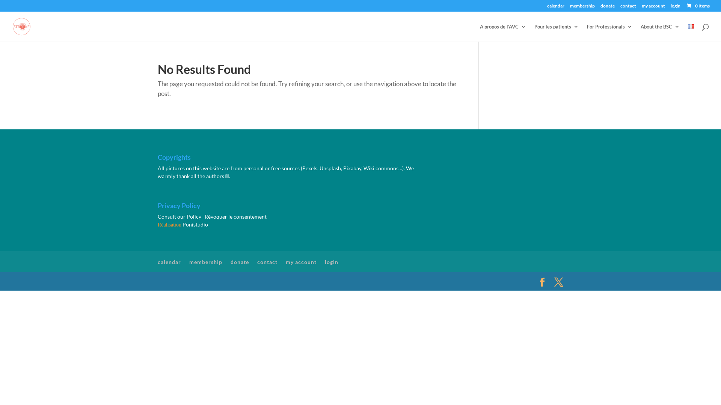  I want to click on 'calendar', so click(555, 7).